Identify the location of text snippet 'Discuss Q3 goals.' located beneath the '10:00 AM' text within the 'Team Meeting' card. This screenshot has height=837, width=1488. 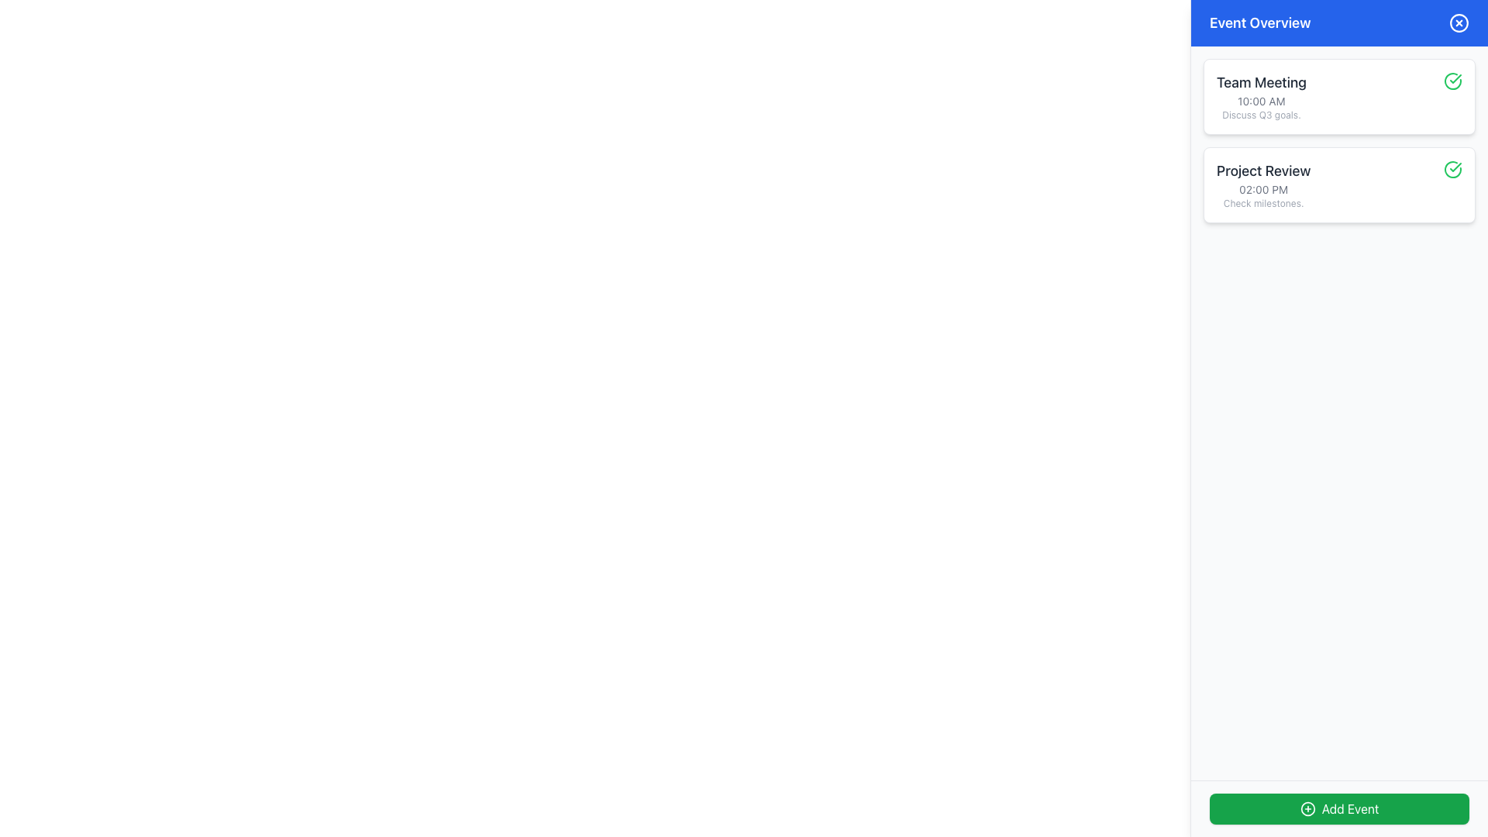
(1261, 115).